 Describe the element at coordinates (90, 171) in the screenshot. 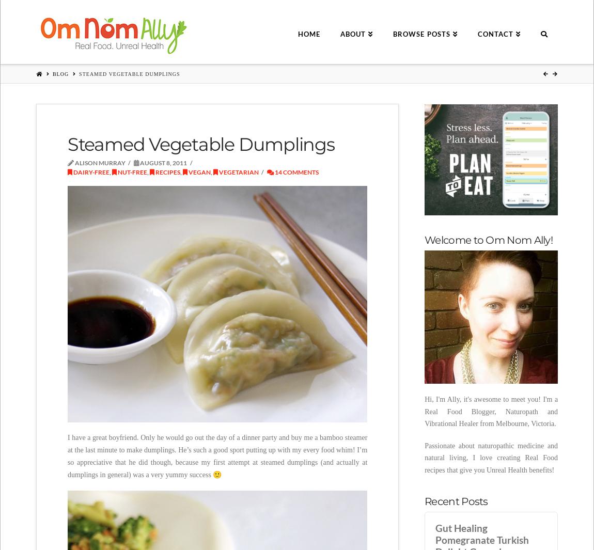

I see `'Dairy-free'` at that location.